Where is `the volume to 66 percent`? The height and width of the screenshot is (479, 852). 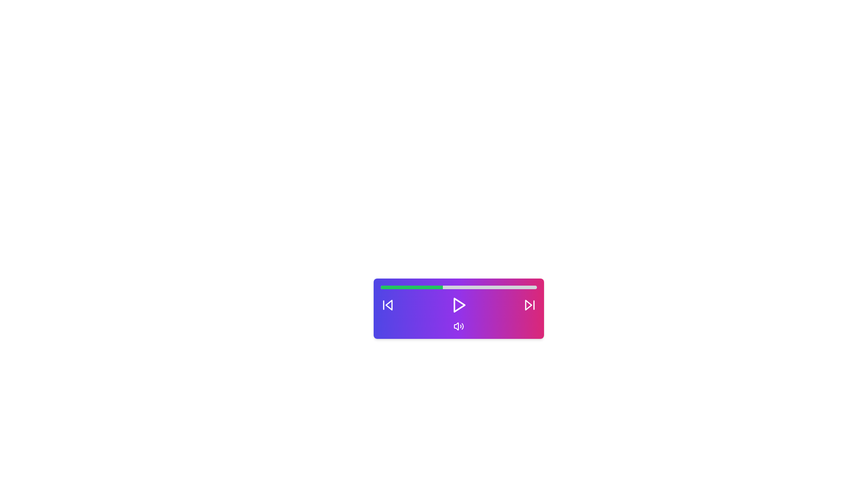 the volume to 66 percent is located at coordinates (483, 287).